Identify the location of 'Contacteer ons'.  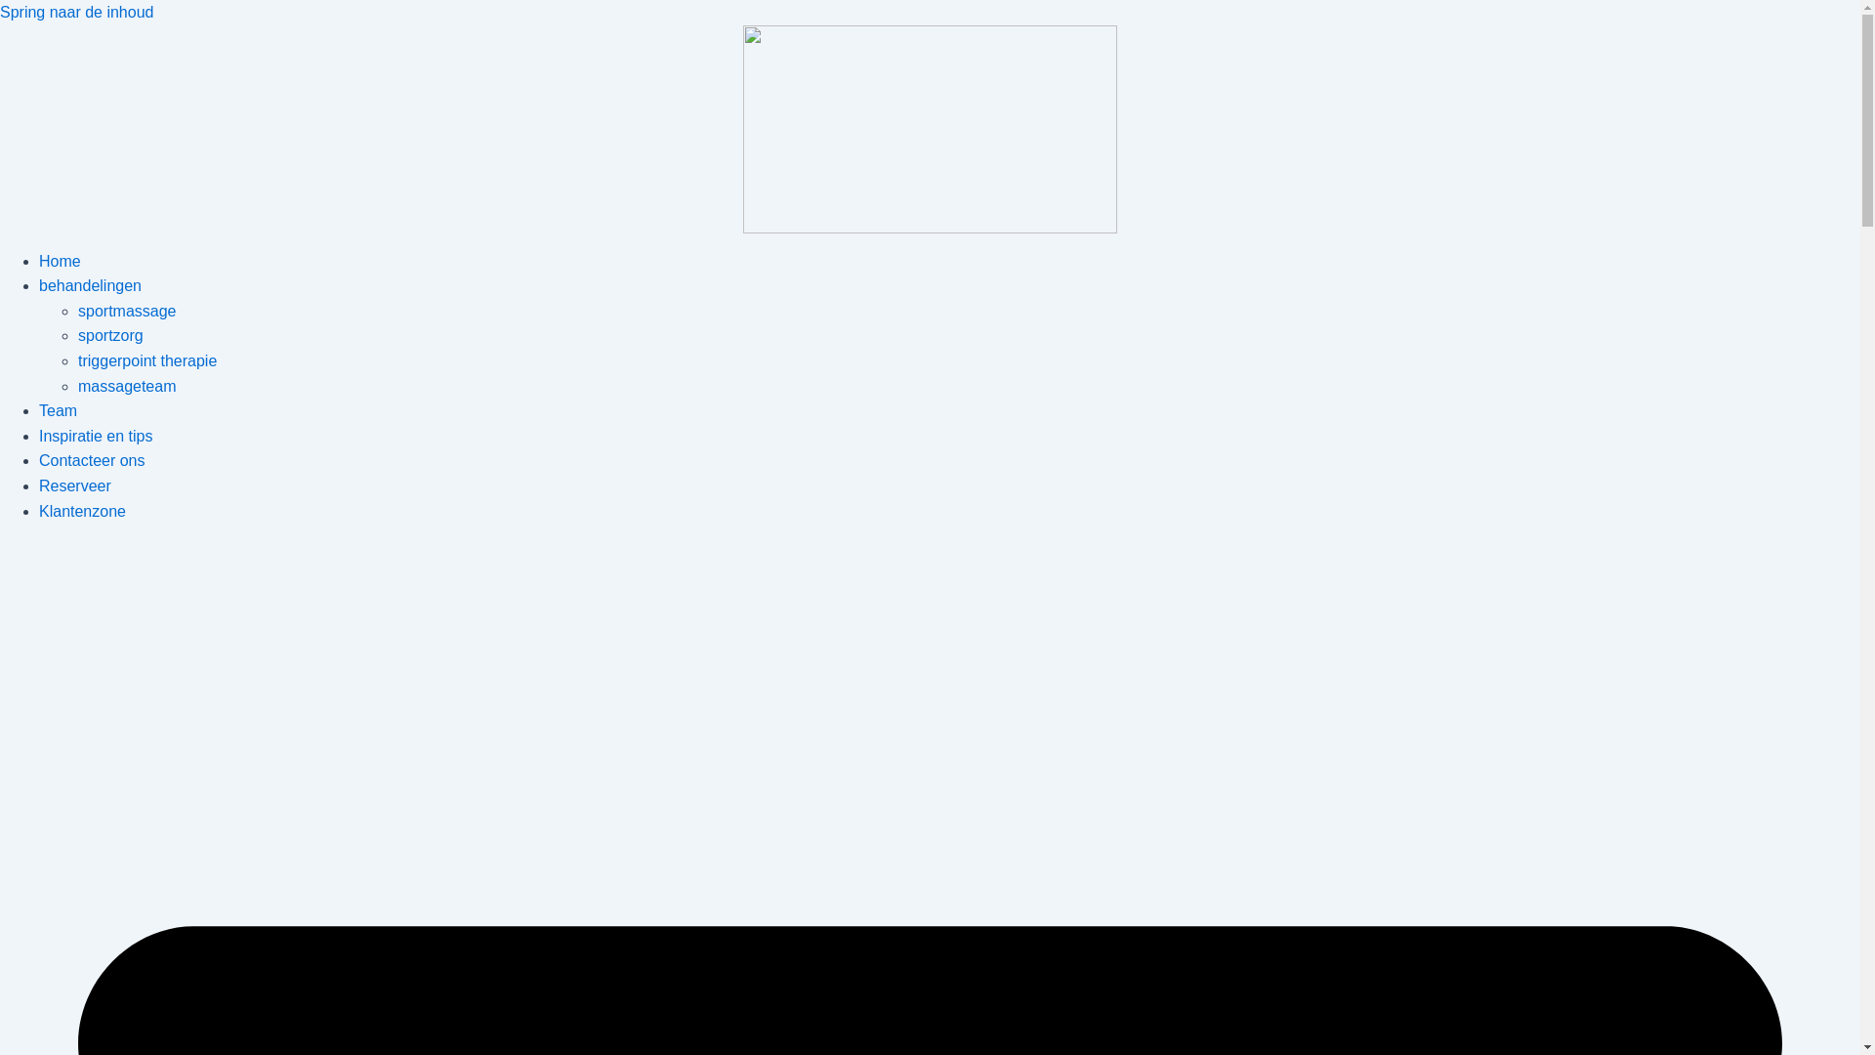
(91, 460).